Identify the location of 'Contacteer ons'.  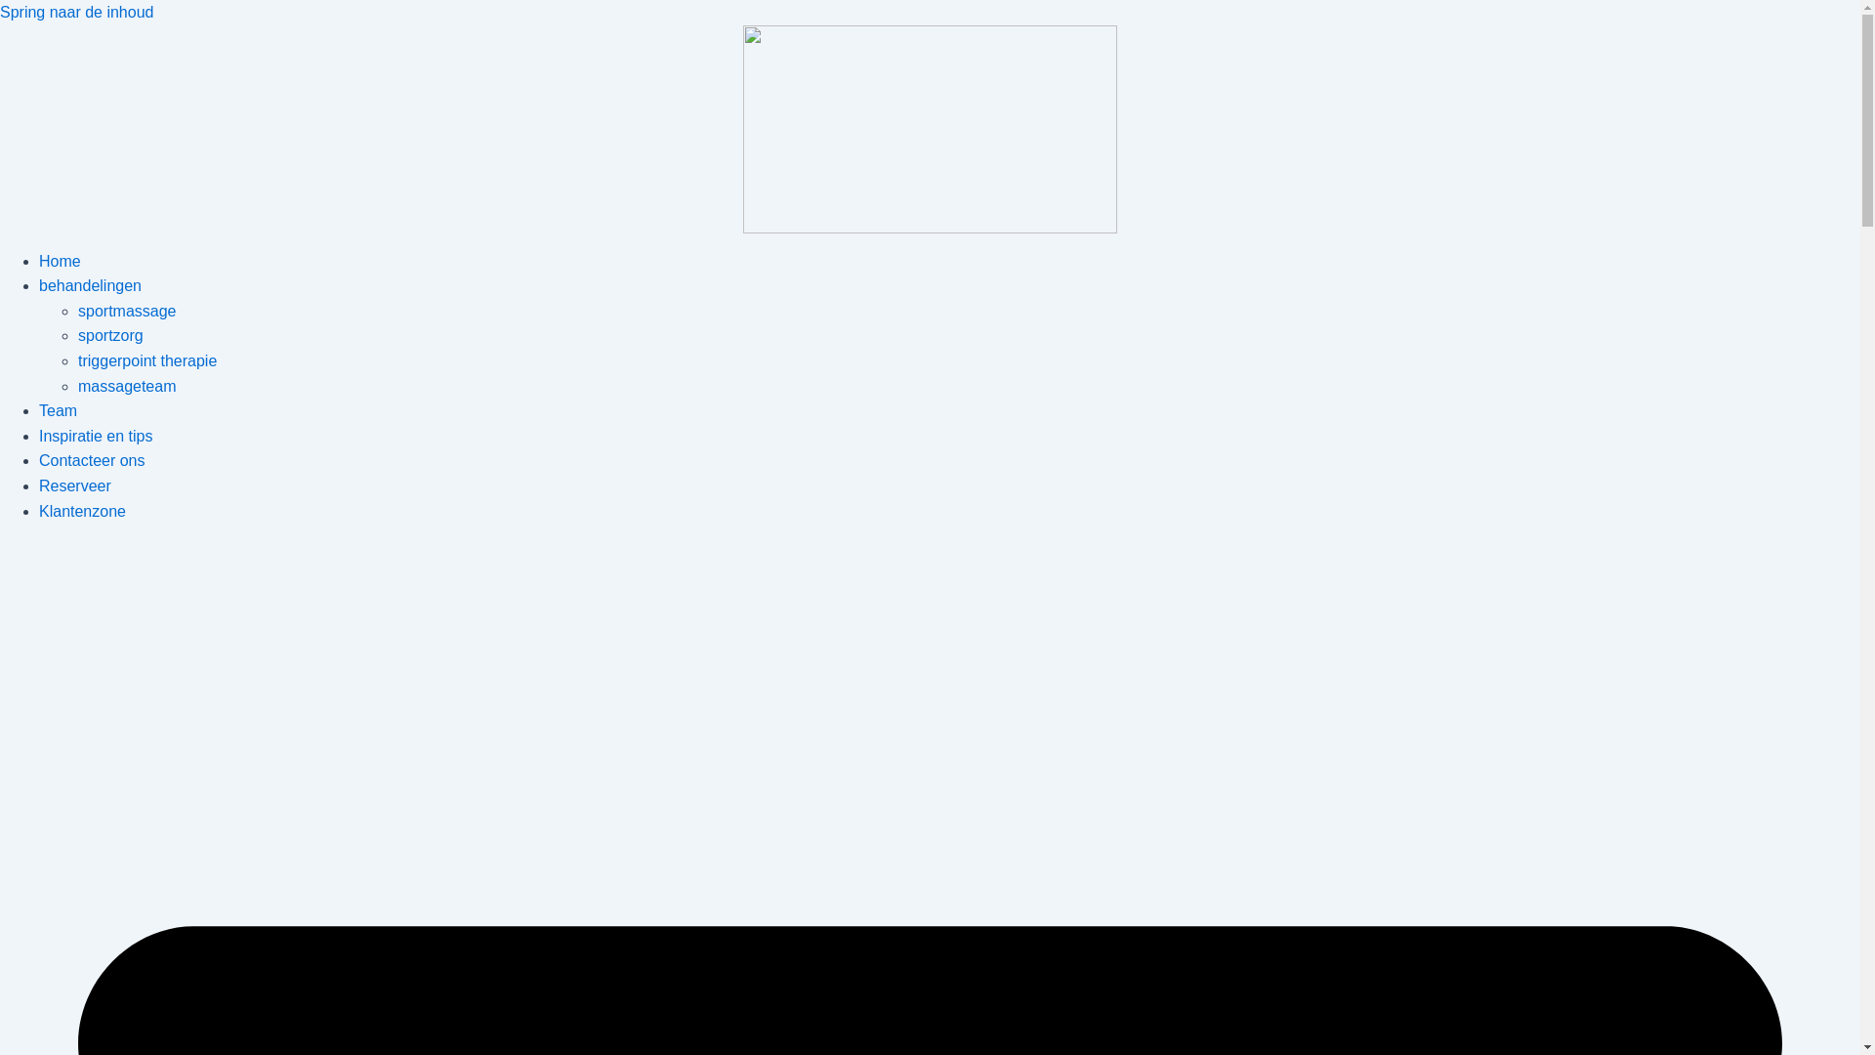
(91, 460).